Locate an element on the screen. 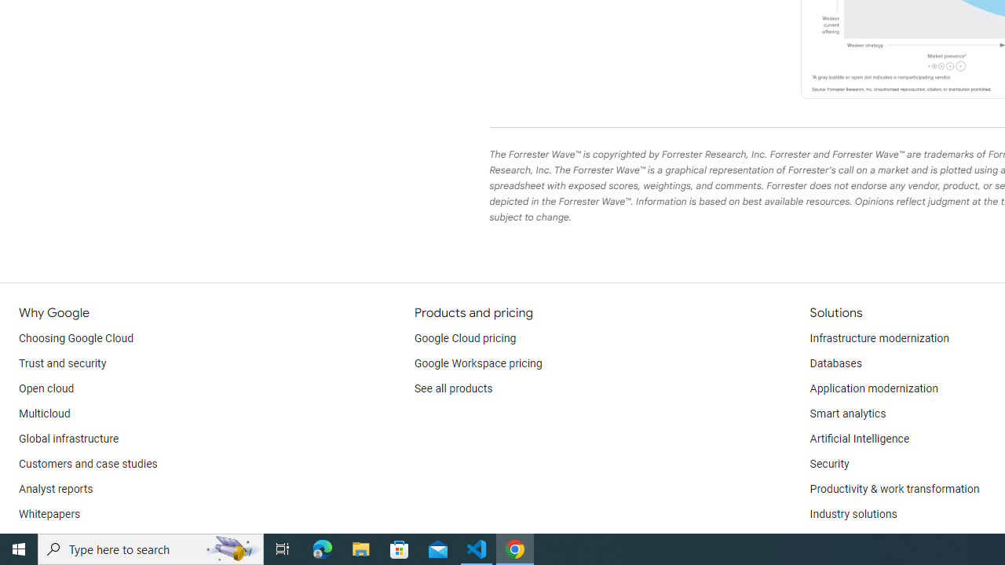 This screenshot has height=565, width=1005. 'Analyst reports' is located at coordinates (56, 488).